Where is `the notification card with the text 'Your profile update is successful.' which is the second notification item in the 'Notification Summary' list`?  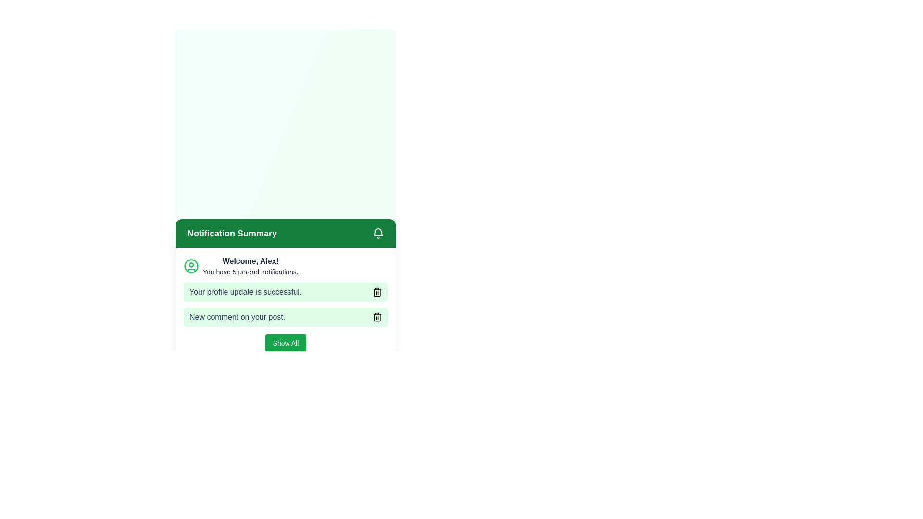 the notification card with the text 'Your profile update is successful.' which is the second notification item in the 'Notification Summary' list is located at coordinates (285, 304).